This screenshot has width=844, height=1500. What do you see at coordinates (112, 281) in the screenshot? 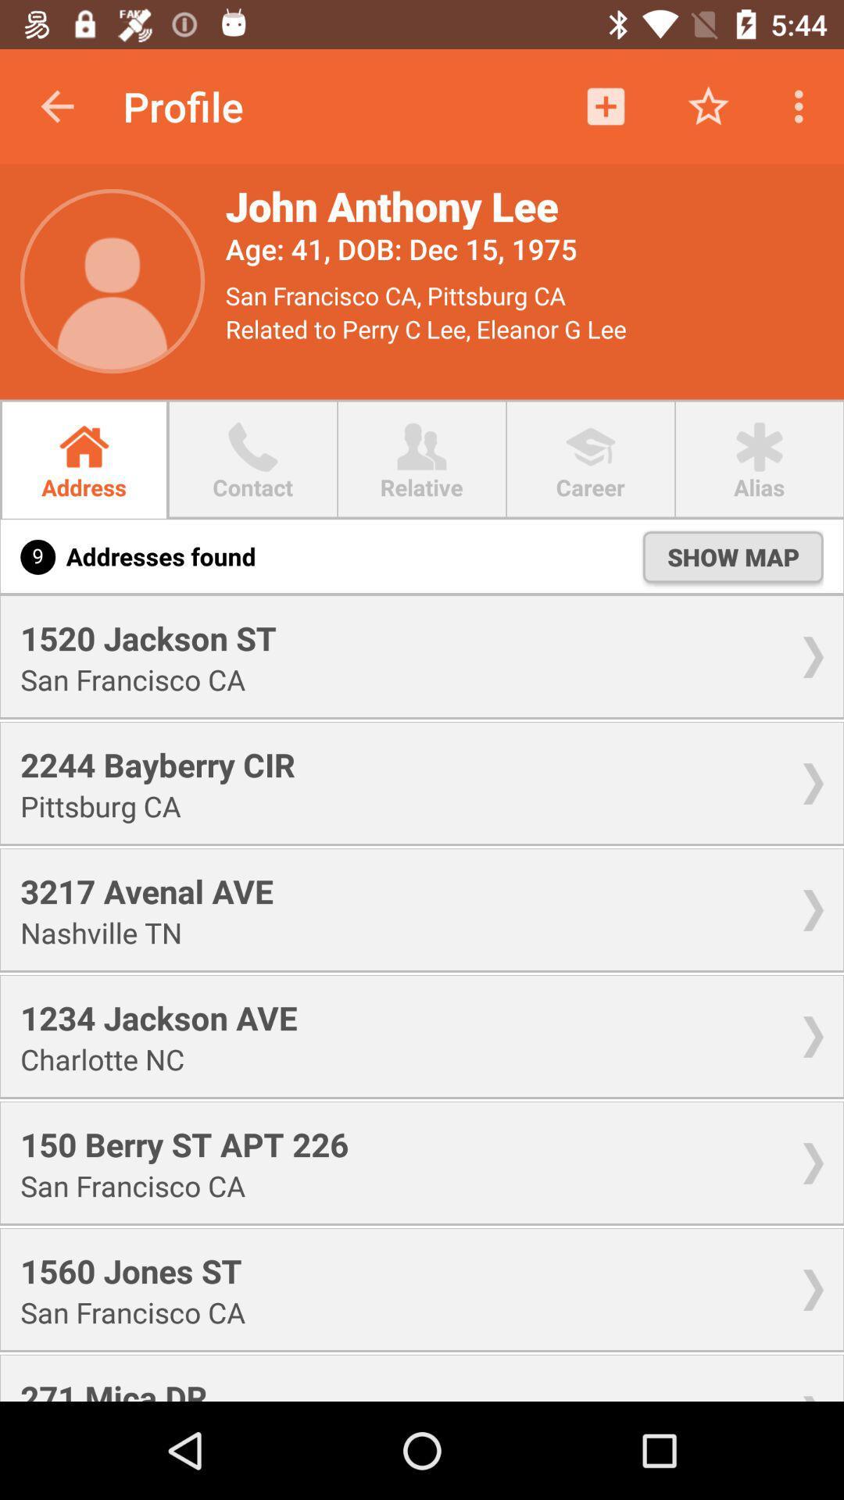
I see `profile picture icon` at bounding box center [112, 281].